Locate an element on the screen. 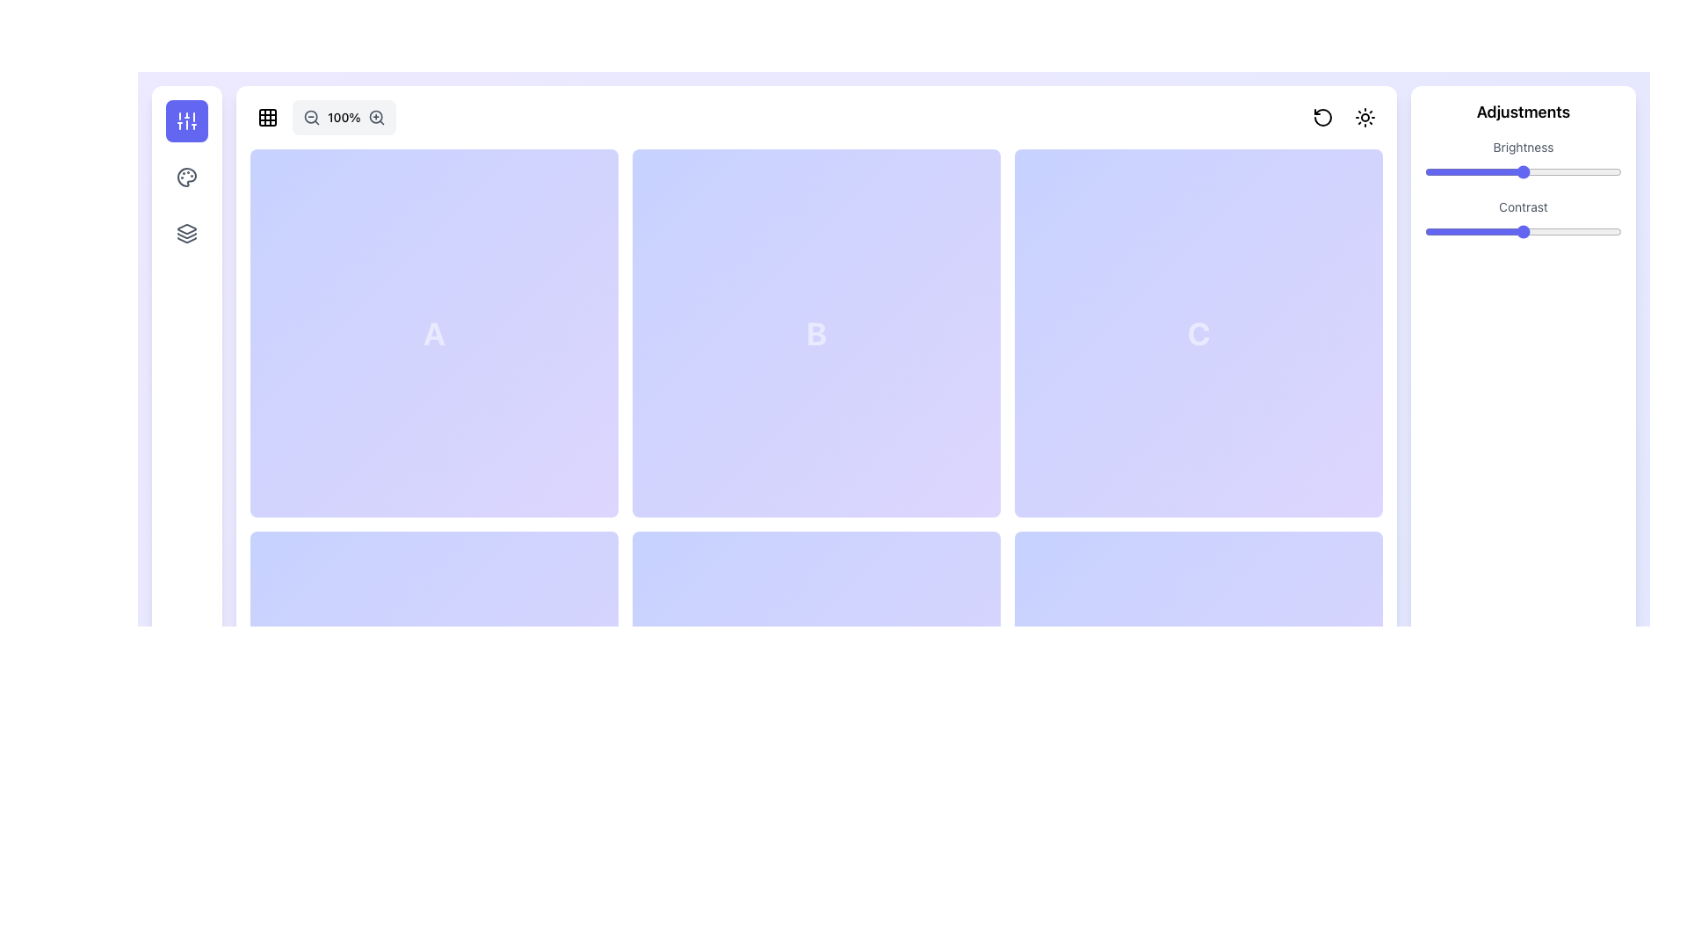 The image size is (1687, 949). contrast is located at coordinates (1617, 230).